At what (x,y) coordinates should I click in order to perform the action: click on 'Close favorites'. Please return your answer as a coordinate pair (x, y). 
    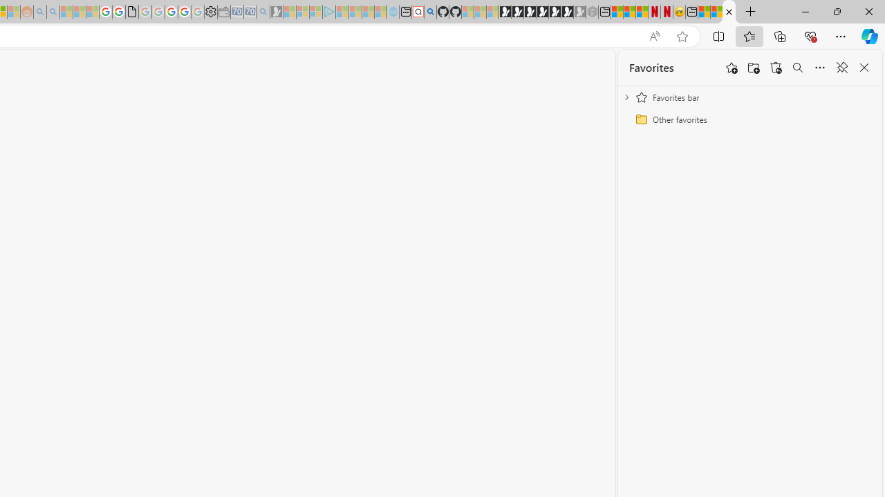
    Looking at the image, I should click on (864, 68).